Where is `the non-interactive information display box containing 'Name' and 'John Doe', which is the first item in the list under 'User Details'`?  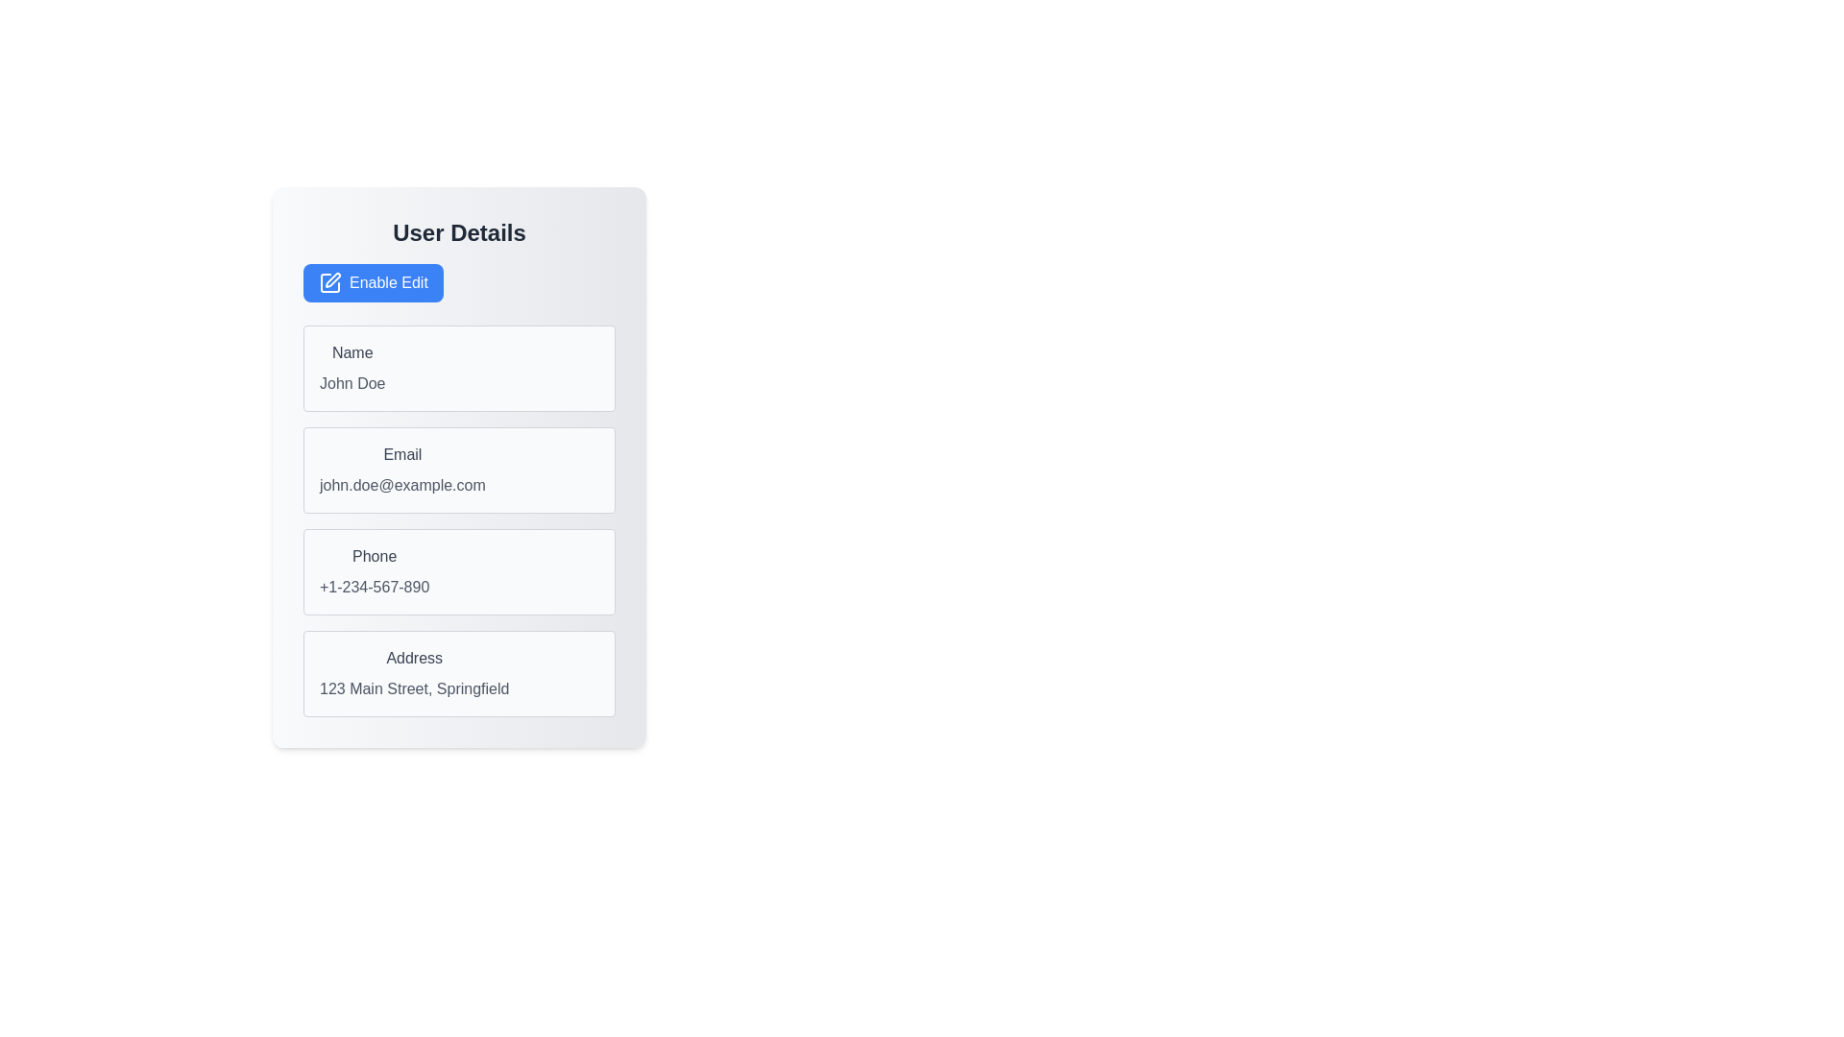 the non-interactive information display box containing 'Name' and 'John Doe', which is the first item in the list under 'User Details' is located at coordinates (458, 369).